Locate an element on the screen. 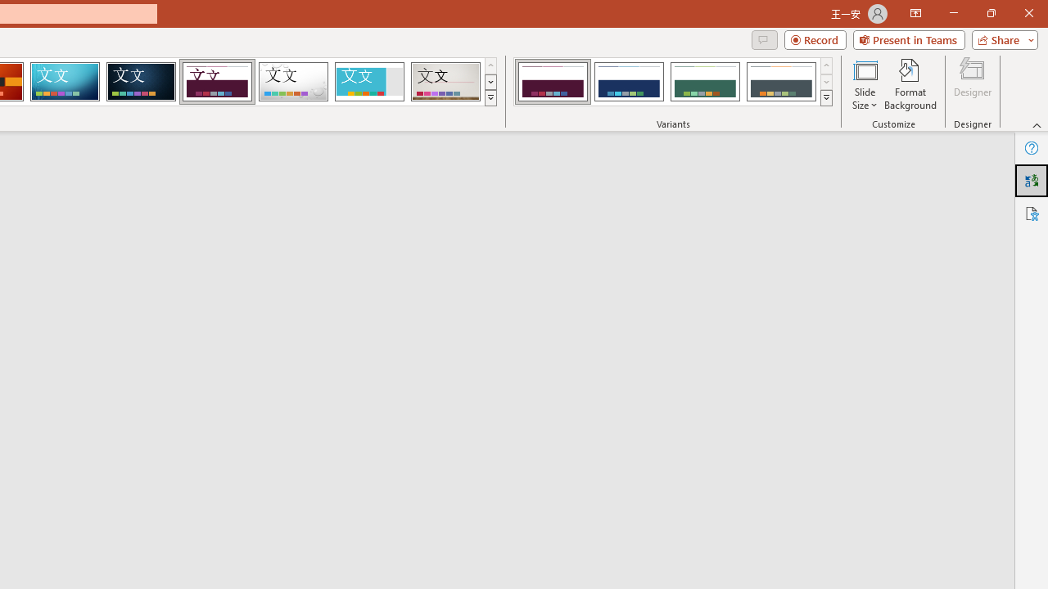 The width and height of the screenshot is (1048, 589). 'Dividend Variant 4' is located at coordinates (780, 82).